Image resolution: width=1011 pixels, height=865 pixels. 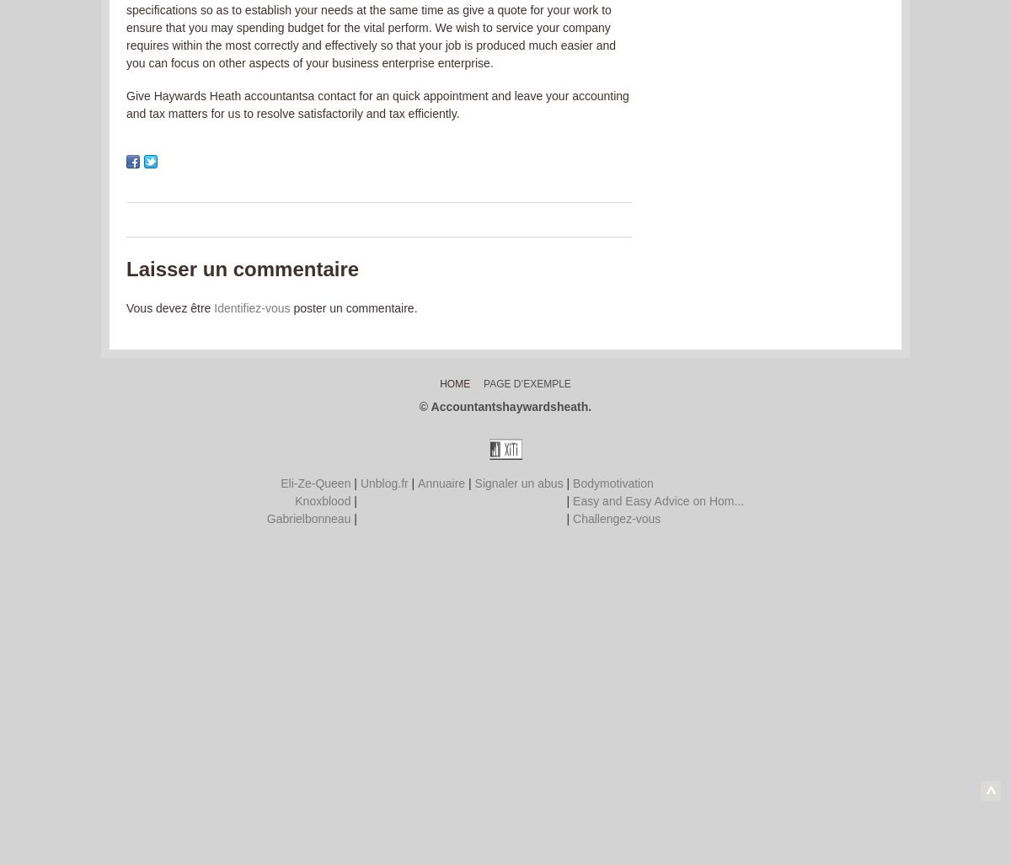 What do you see at coordinates (504, 406) in the screenshot?
I see `'© Accountantshaywardsheath.'` at bounding box center [504, 406].